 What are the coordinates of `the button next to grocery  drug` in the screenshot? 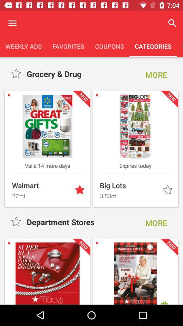 It's located at (156, 75).